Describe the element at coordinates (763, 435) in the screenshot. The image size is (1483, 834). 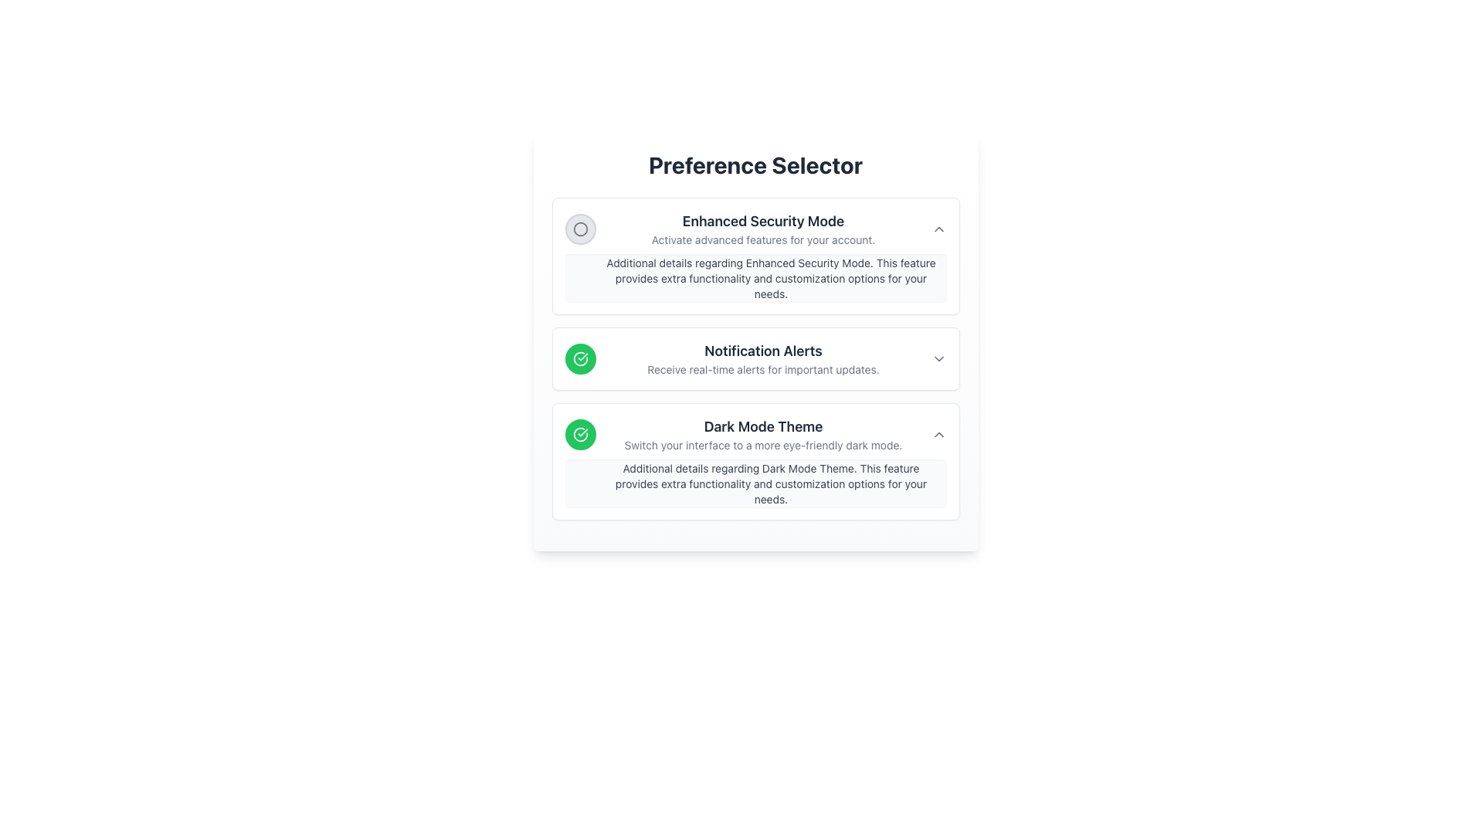
I see `text informing the user about the Dark Mode feature, located under the 'Notification Alerts' section in the main preference selection interface` at that location.